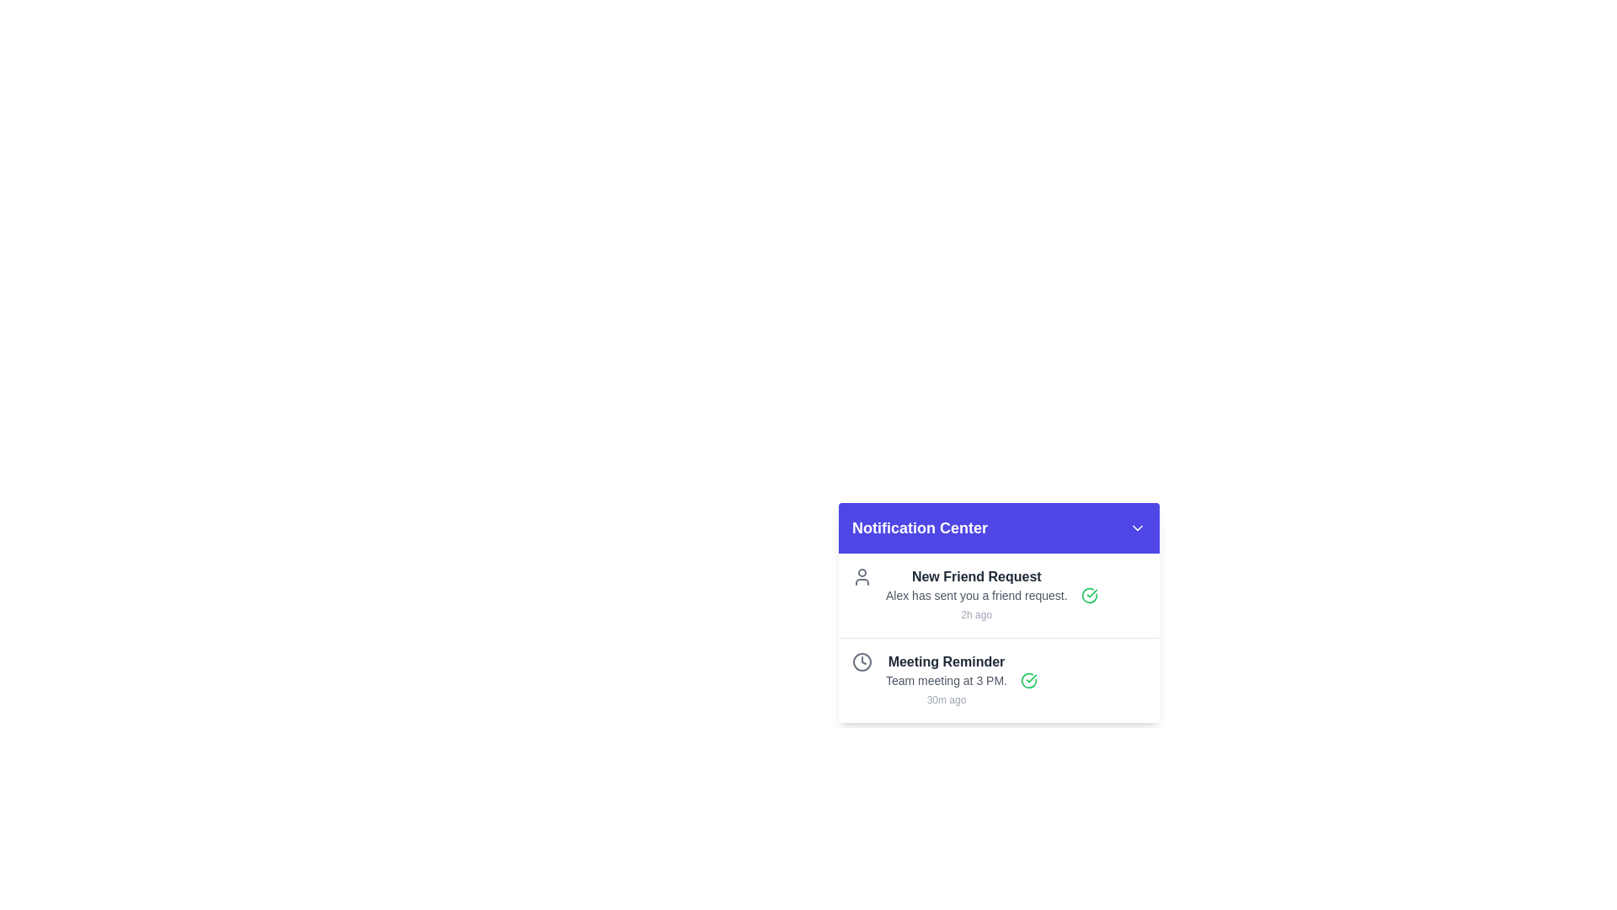 This screenshot has width=1617, height=910. I want to click on the SVG Circle Element that defines the boundary of the clock icon for the 'Meeting Reminder' notification in the Notification Center, so click(862, 661).